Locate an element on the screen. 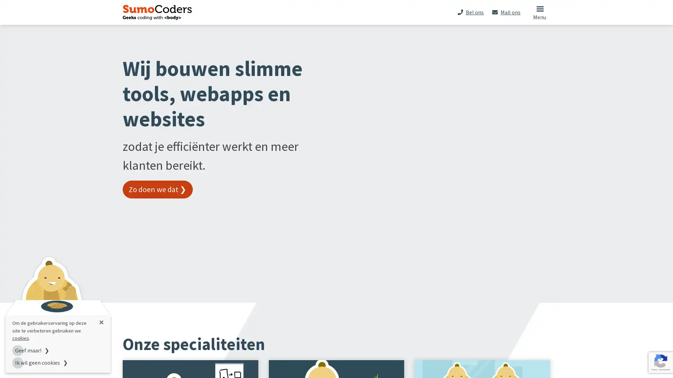 Image resolution: width=673 pixels, height=378 pixels. sluiten is located at coordinates (101, 322).